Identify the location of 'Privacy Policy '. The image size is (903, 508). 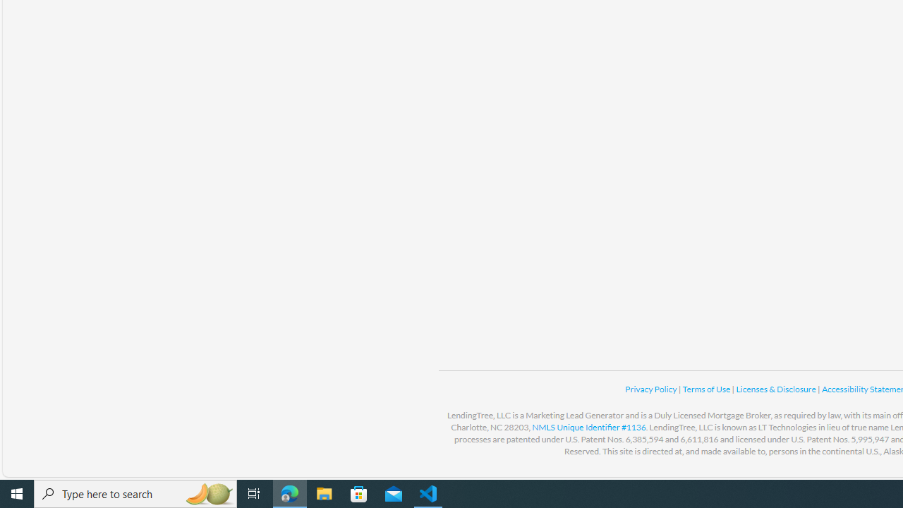
(651, 389).